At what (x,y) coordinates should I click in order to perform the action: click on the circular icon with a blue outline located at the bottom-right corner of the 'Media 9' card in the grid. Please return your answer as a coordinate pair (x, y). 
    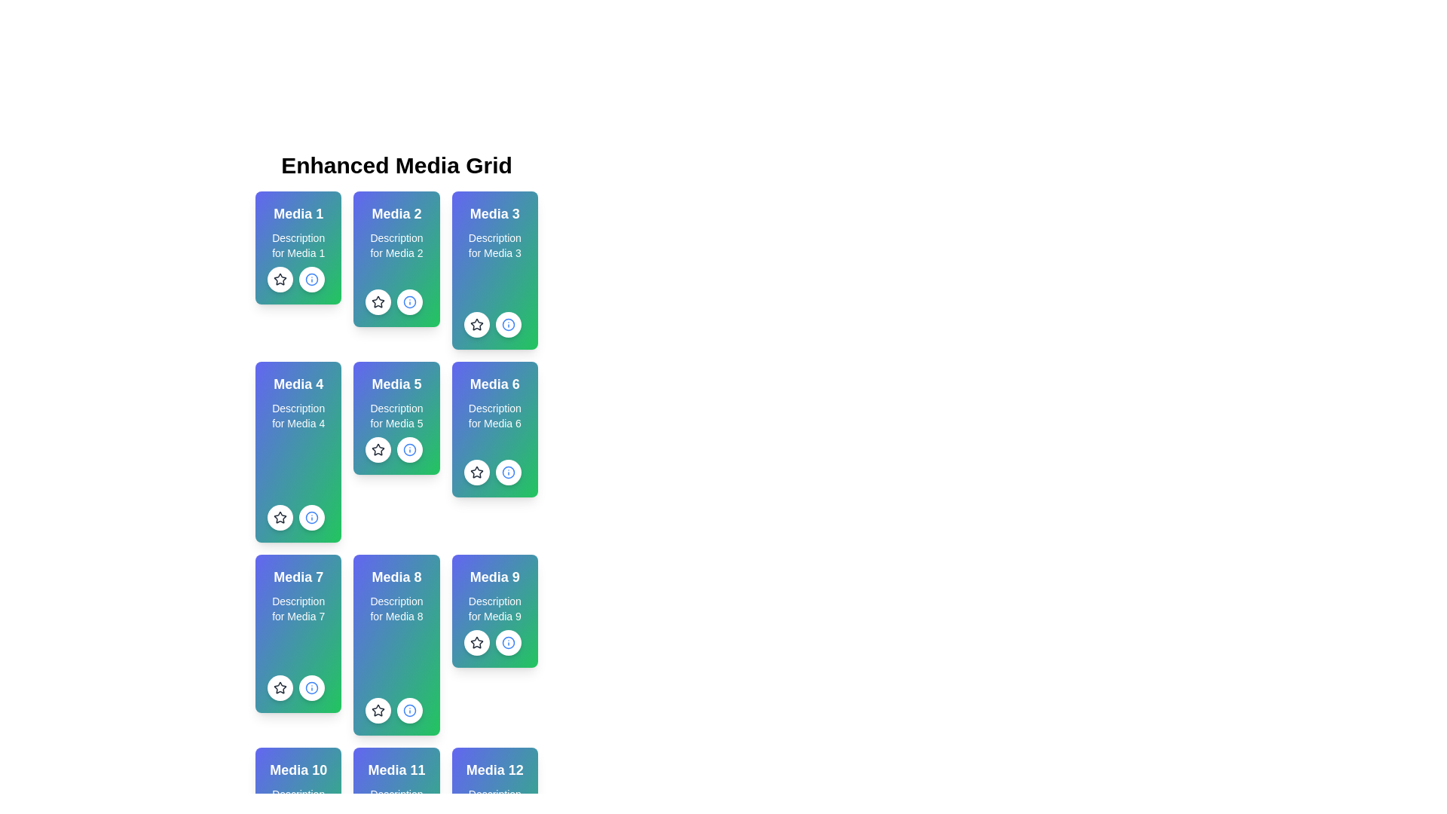
    Looking at the image, I should click on (508, 642).